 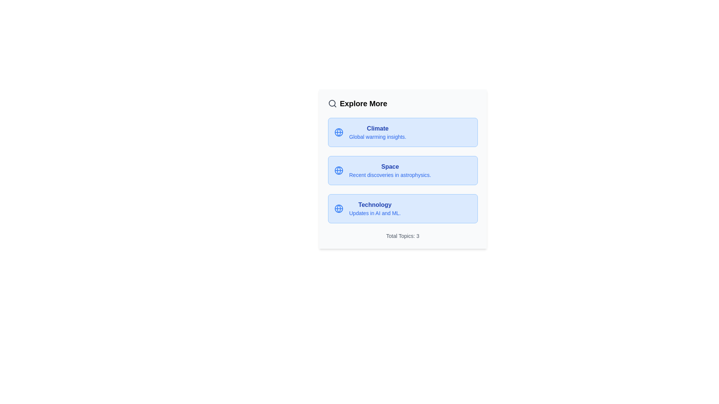 I want to click on the 'Explore More' header to focus or select, so click(x=402, y=104).